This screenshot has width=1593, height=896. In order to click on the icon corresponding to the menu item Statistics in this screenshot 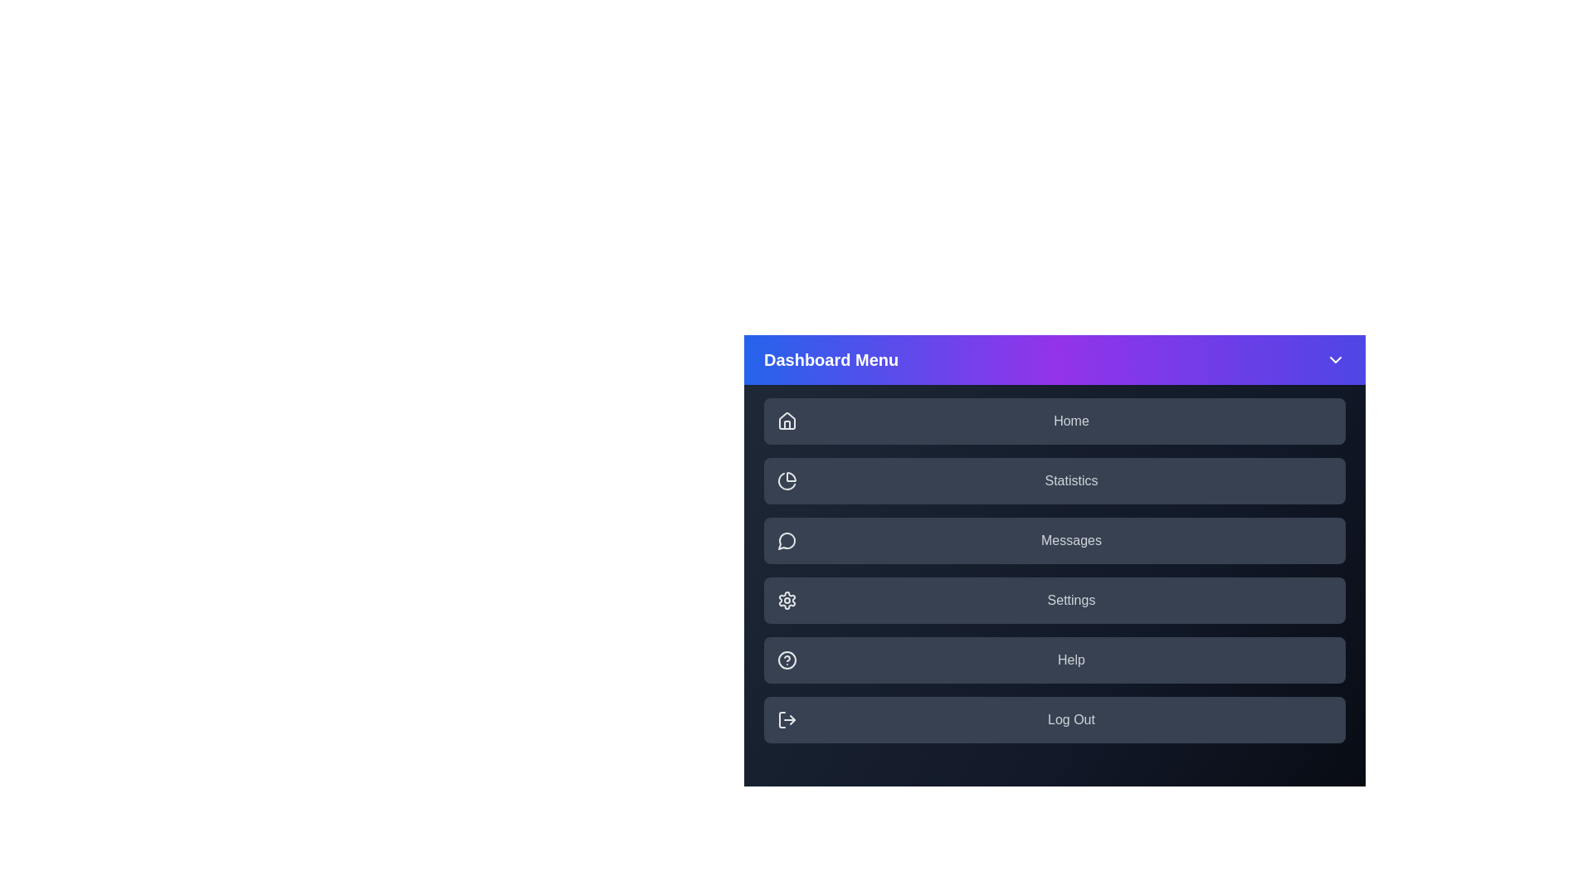, I will do `click(787, 480)`.